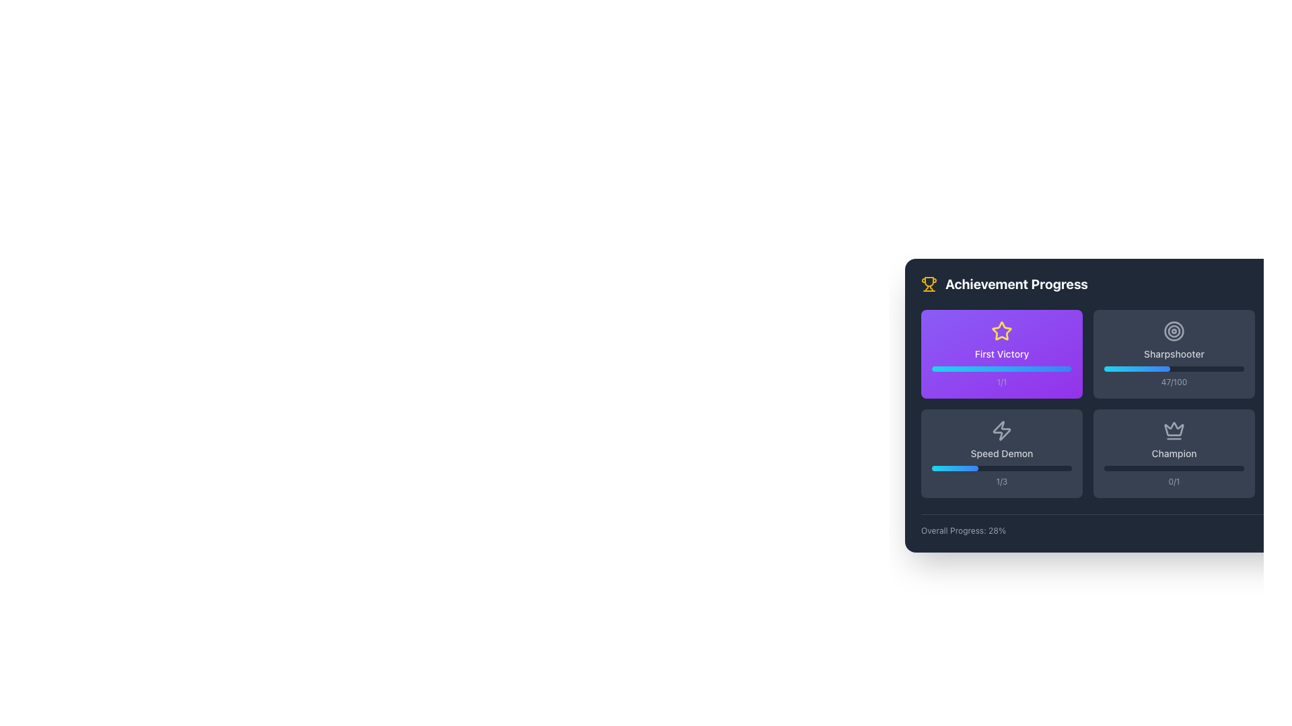 Image resolution: width=1292 pixels, height=726 pixels. Describe the element at coordinates (1174, 354) in the screenshot. I see `the Progress Card displaying the 'Sharpshooter' milestone in the Achievement Progress section, located in the top-right card among the achievement cards` at that location.